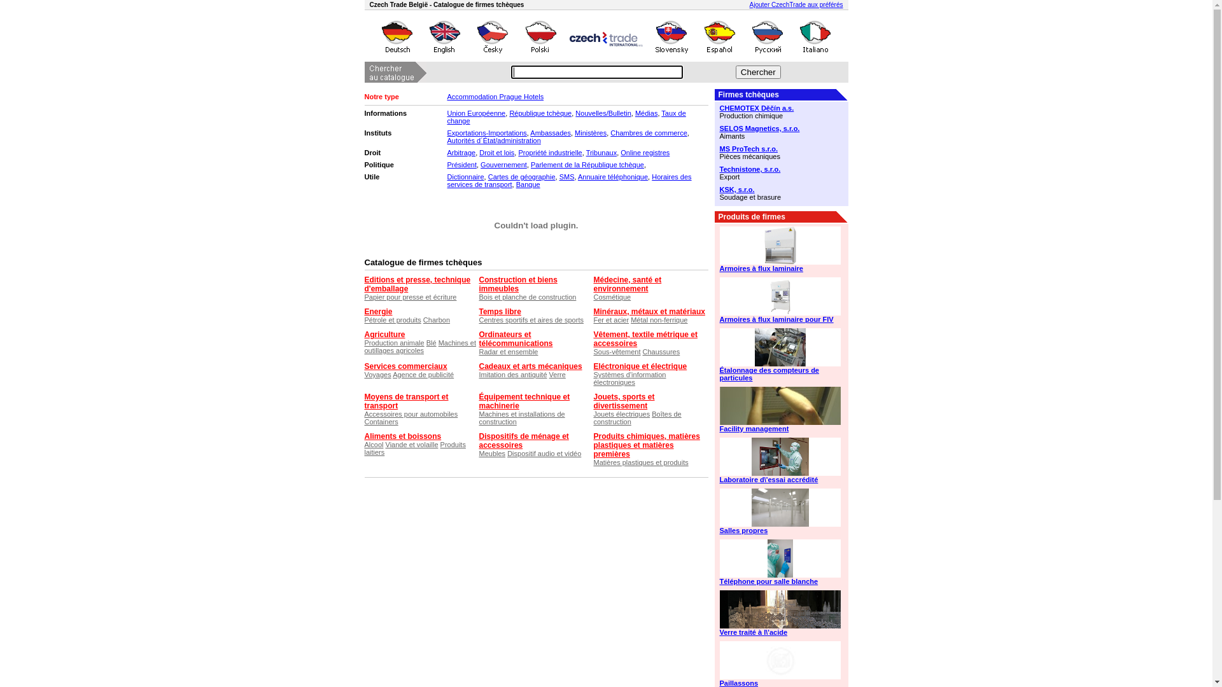 Image resolution: width=1222 pixels, height=687 pixels. I want to click on 'Radar et ensemble', so click(478, 351).